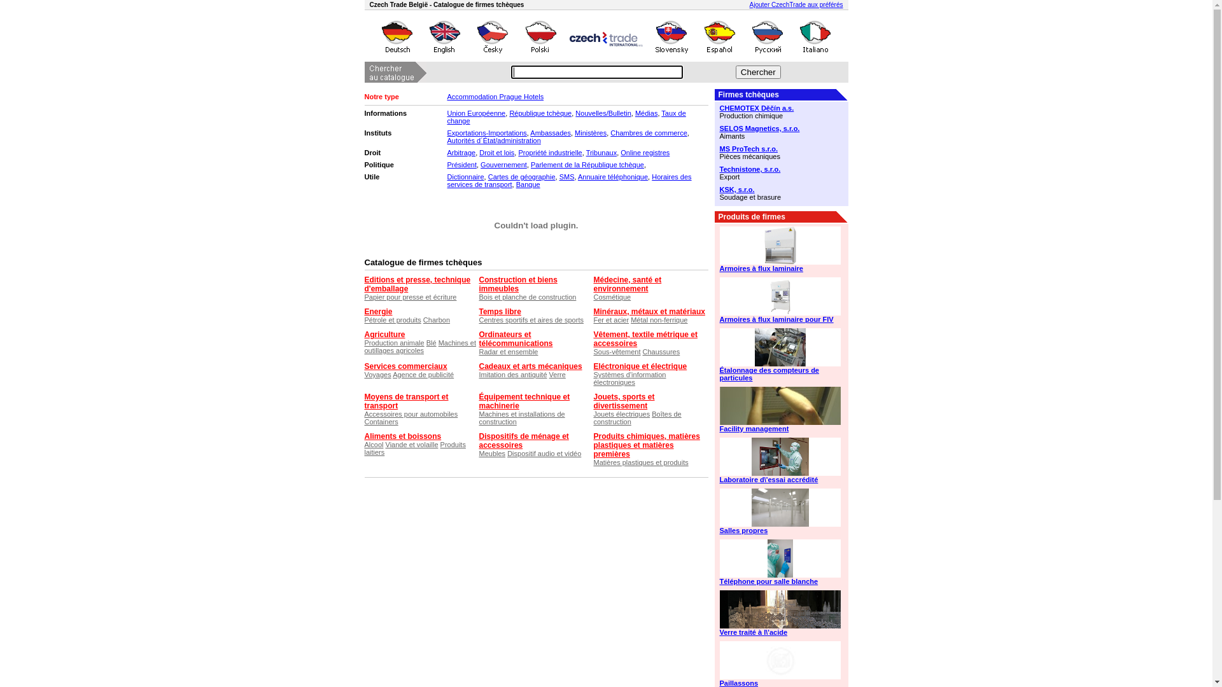 Image resolution: width=1222 pixels, height=687 pixels. I want to click on 'Radar et ensemble', so click(478, 351).